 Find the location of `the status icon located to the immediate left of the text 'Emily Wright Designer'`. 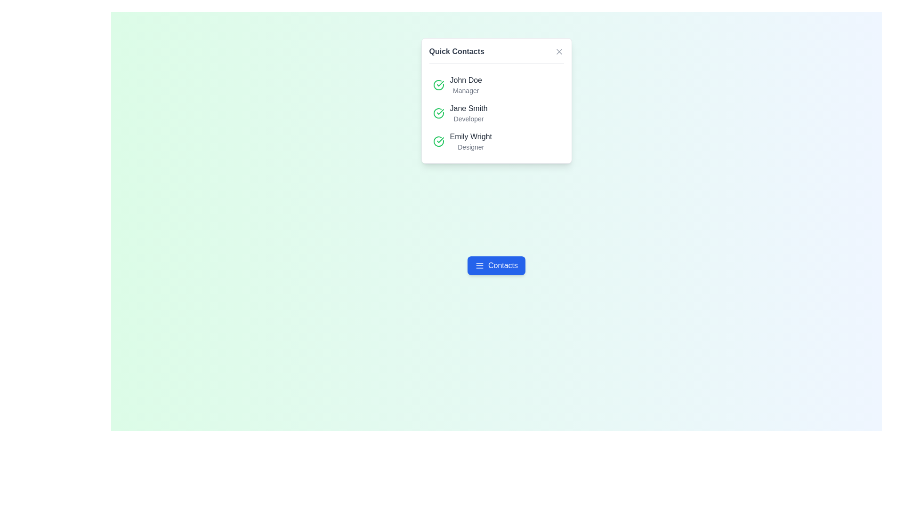

the status icon located to the immediate left of the text 'Emily Wright Designer' is located at coordinates (438, 141).